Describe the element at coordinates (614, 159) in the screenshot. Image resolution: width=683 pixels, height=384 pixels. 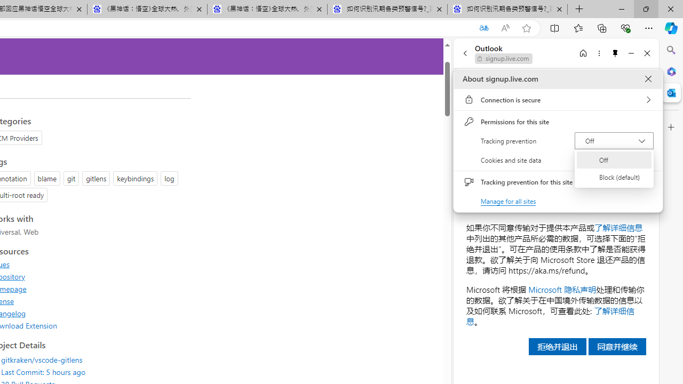
I see `'Off'` at that location.